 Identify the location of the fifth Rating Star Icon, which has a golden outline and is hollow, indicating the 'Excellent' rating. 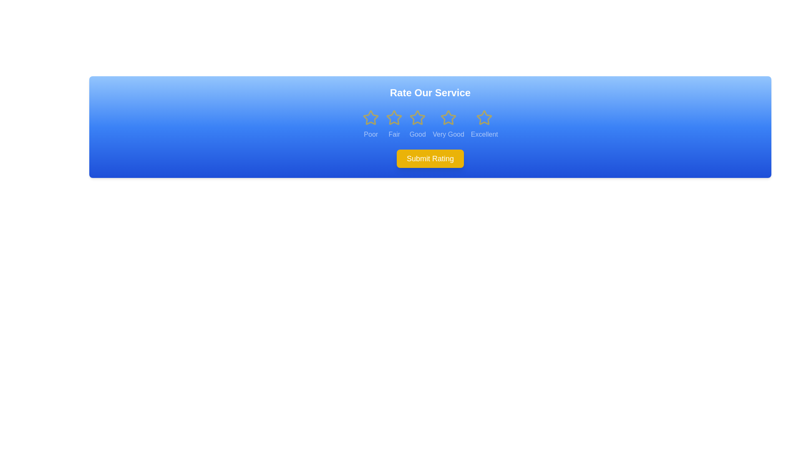
(484, 117).